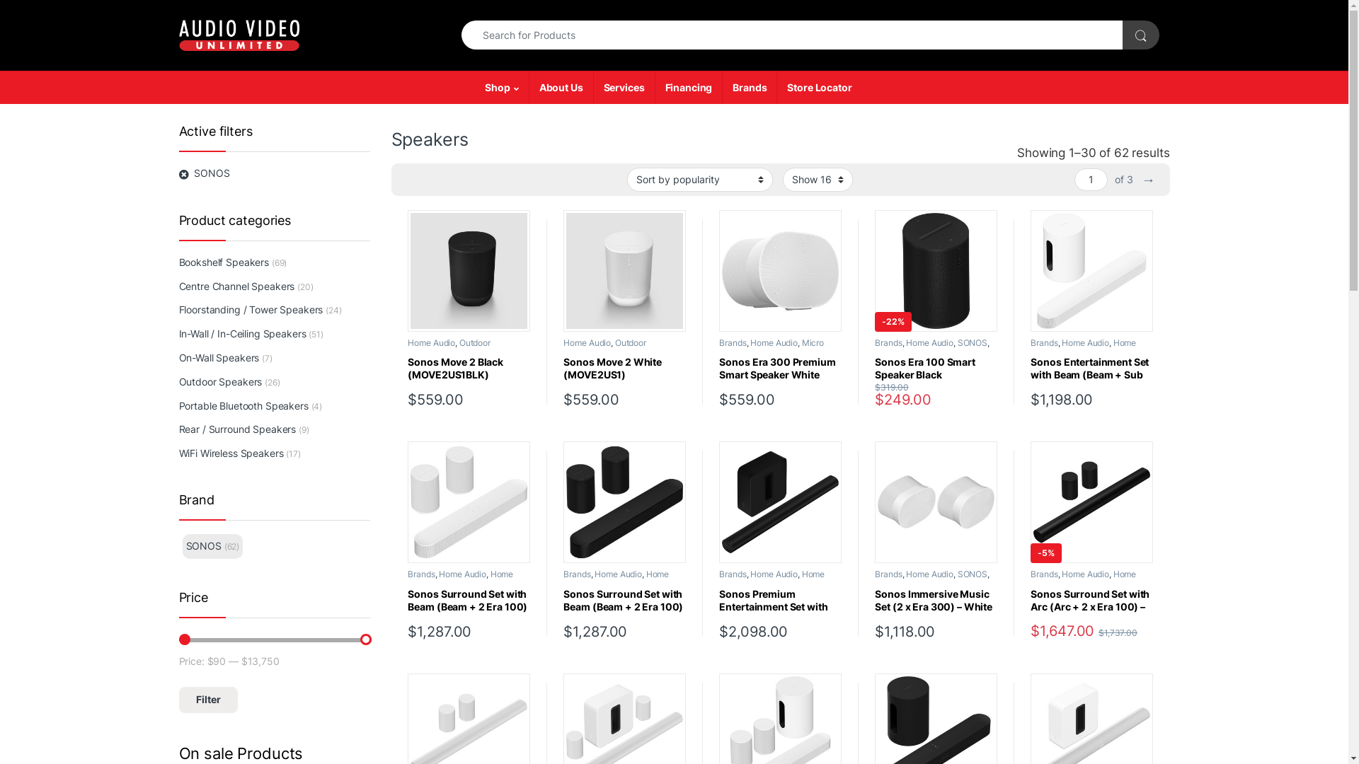 Image resolution: width=1359 pixels, height=764 pixels. I want to click on 'Shop', so click(501, 87).